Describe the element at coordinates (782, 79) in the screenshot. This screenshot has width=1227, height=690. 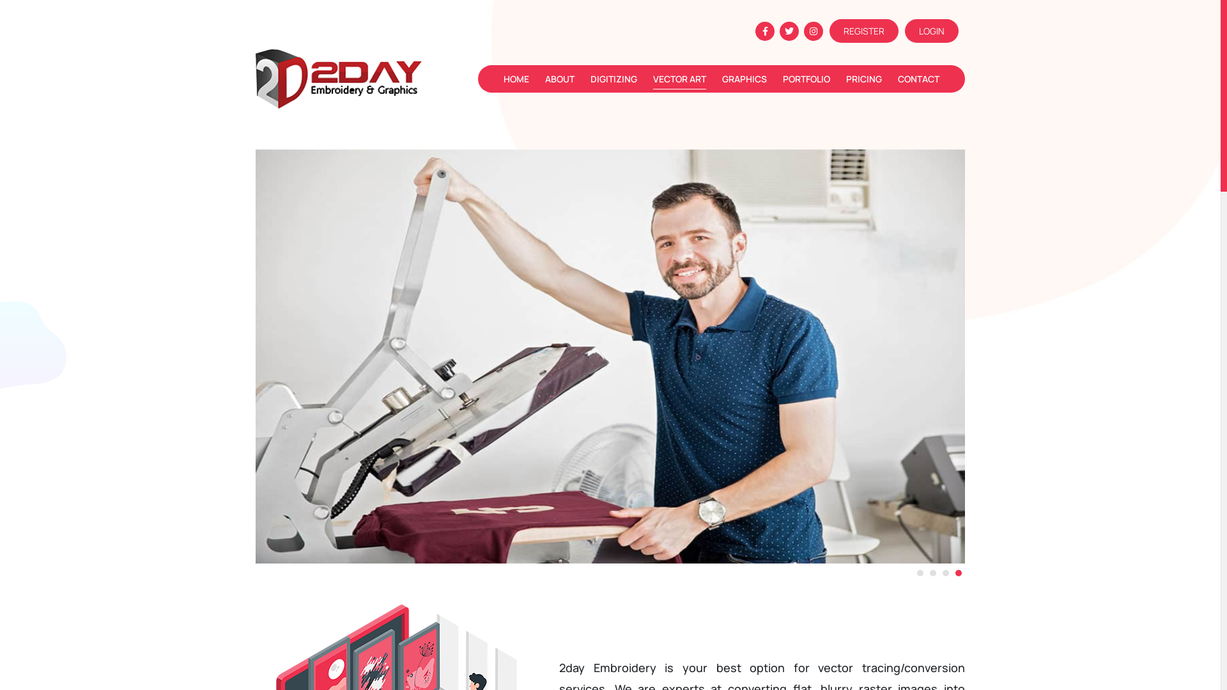
I see `'PORTFOLIO'` at that location.